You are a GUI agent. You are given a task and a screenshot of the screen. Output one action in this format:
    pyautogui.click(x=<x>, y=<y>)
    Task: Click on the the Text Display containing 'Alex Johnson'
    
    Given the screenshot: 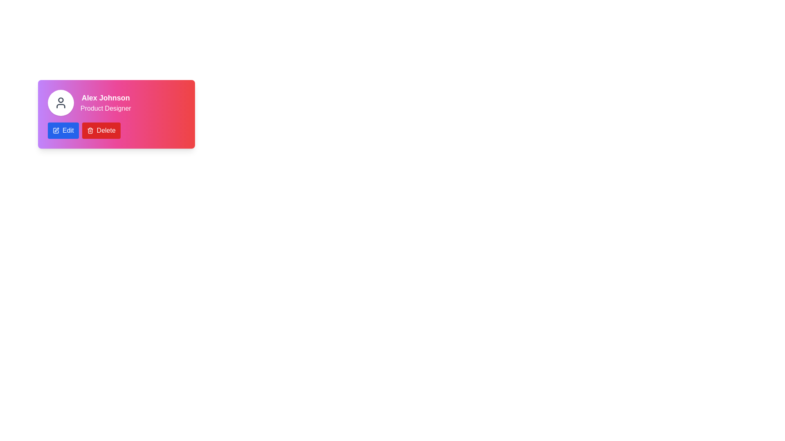 What is the action you would take?
    pyautogui.click(x=105, y=102)
    